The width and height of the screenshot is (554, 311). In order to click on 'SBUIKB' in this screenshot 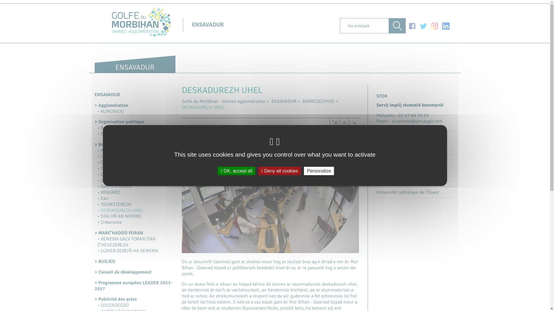, I will do `click(377, 150)`.